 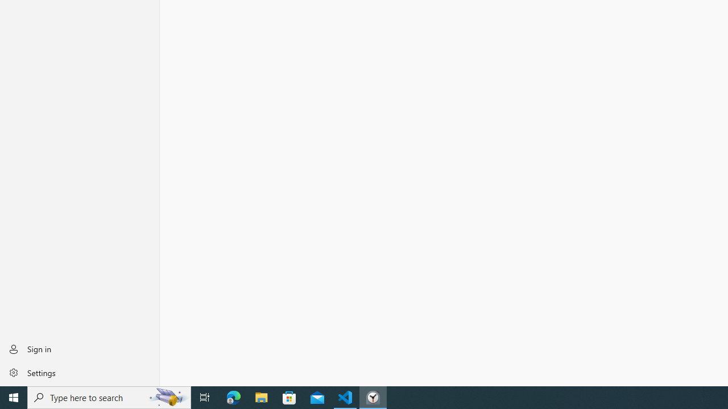 I want to click on 'Clock - 1 running window', so click(x=373, y=397).